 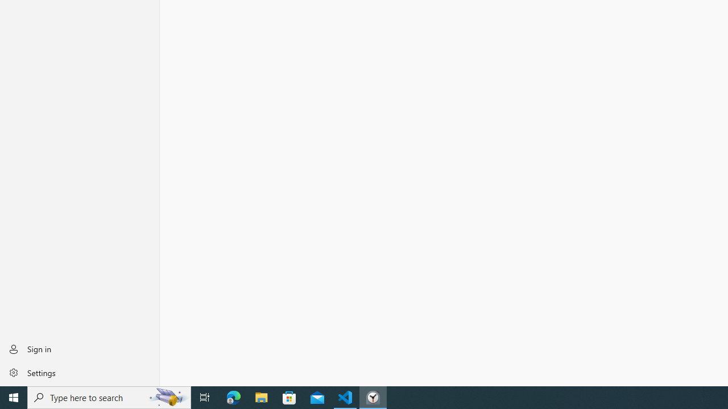 I want to click on 'Clock - 1 running window', so click(x=373, y=397).